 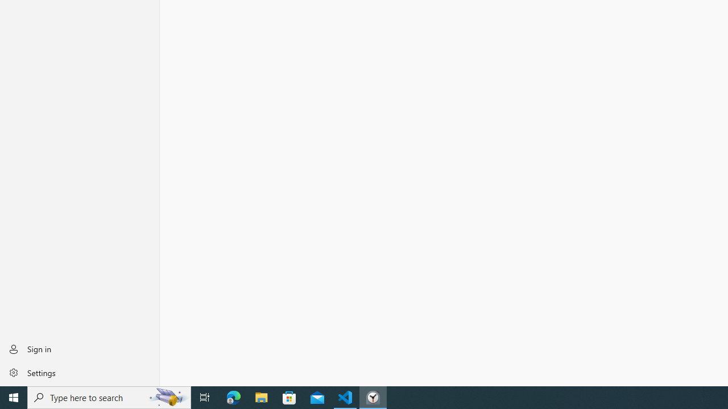 I want to click on 'Clock - 1 running window', so click(x=373, y=397).